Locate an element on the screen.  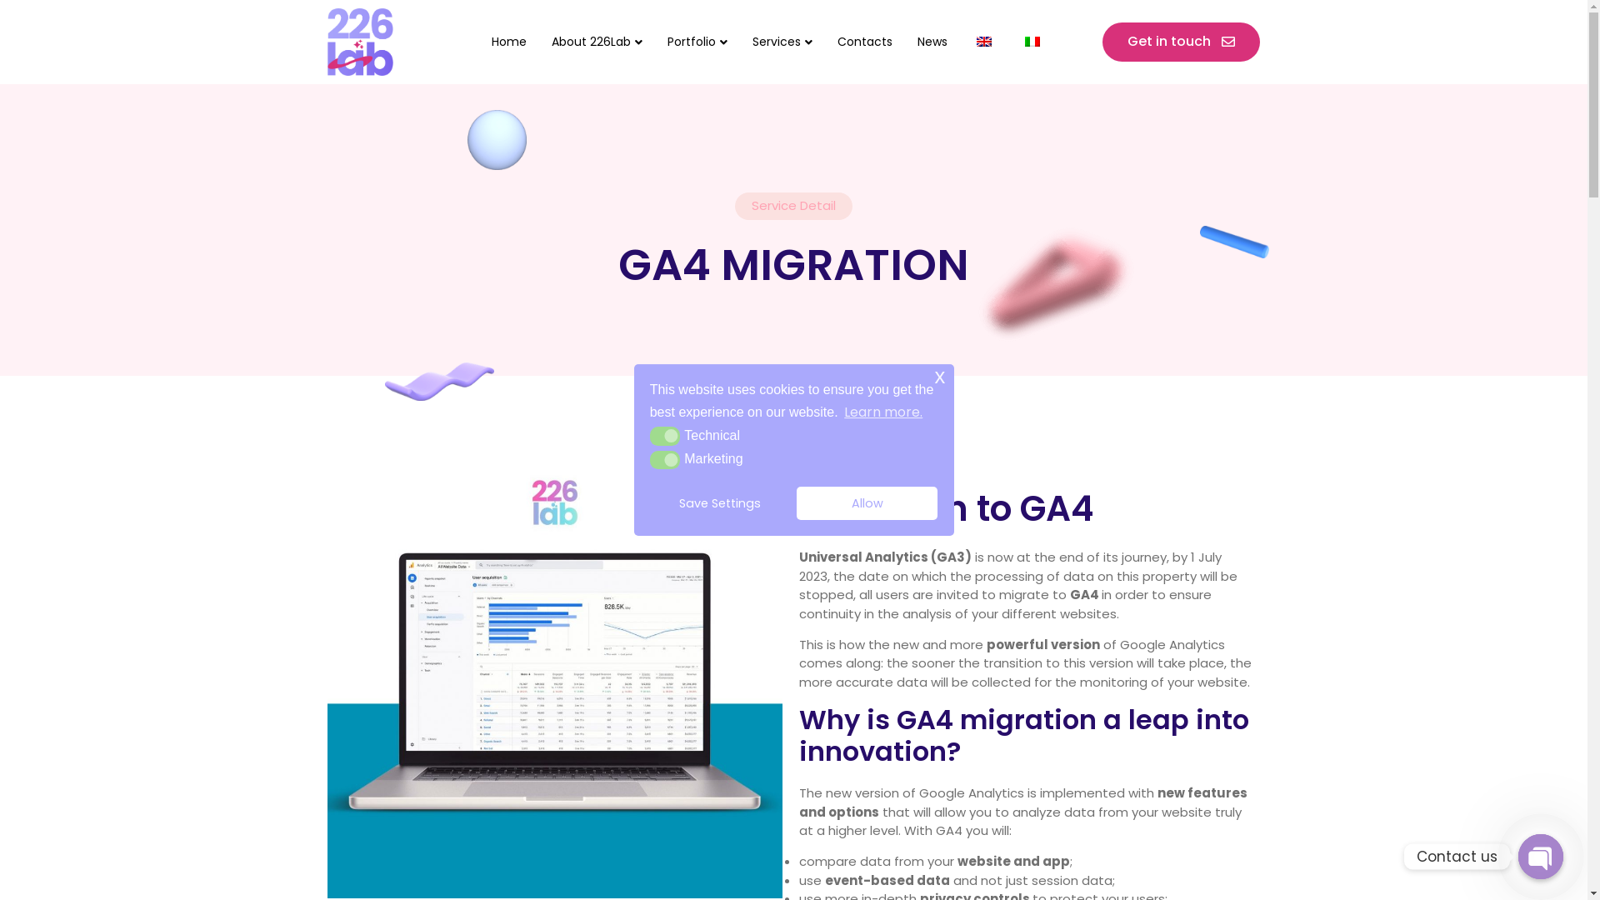
'Allow' is located at coordinates (867, 502).